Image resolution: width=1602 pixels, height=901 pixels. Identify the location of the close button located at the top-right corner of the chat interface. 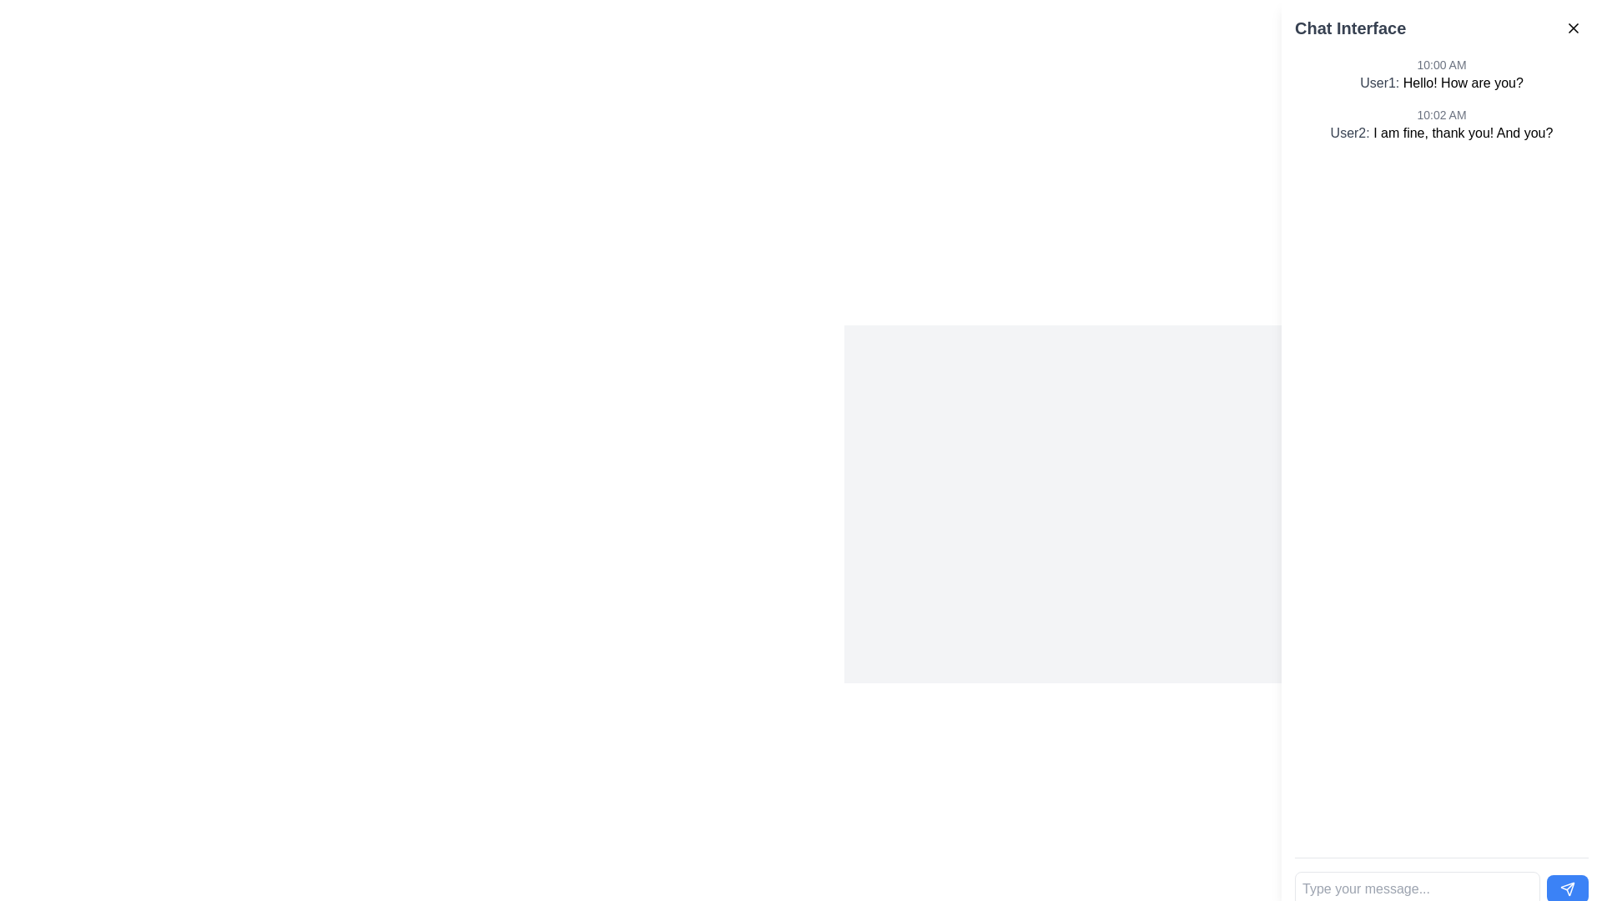
(1573, 28).